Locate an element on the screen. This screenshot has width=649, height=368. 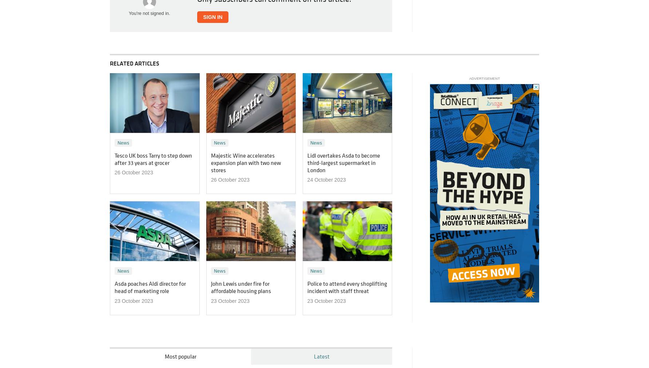
'Lidl overtakes Asda to become third-largest supermarket in London' is located at coordinates (343, 162).